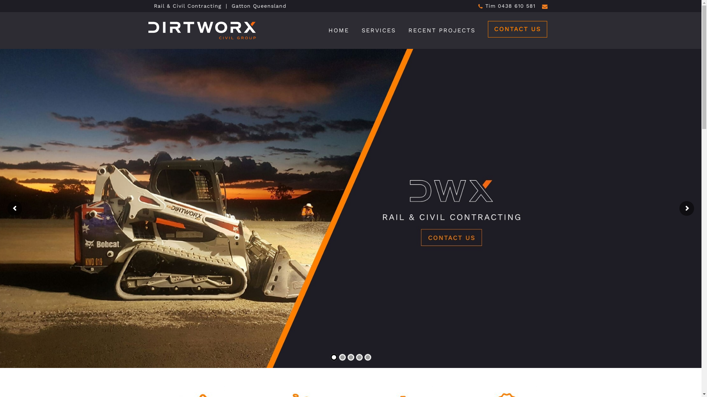 This screenshot has width=707, height=397. What do you see at coordinates (442, 30) in the screenshot?
I see `'RECENT PROJECTS'` at bounding box center [442, 30].